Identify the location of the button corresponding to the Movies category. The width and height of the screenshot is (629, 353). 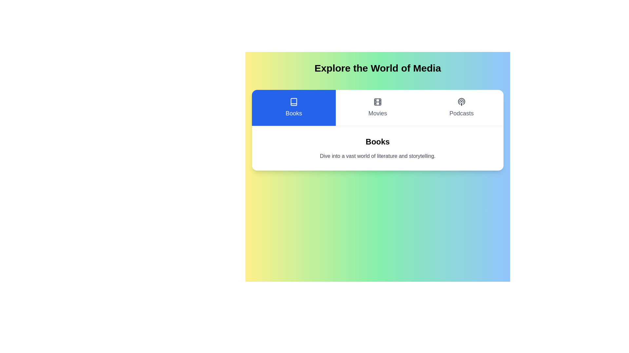
(377, 108).